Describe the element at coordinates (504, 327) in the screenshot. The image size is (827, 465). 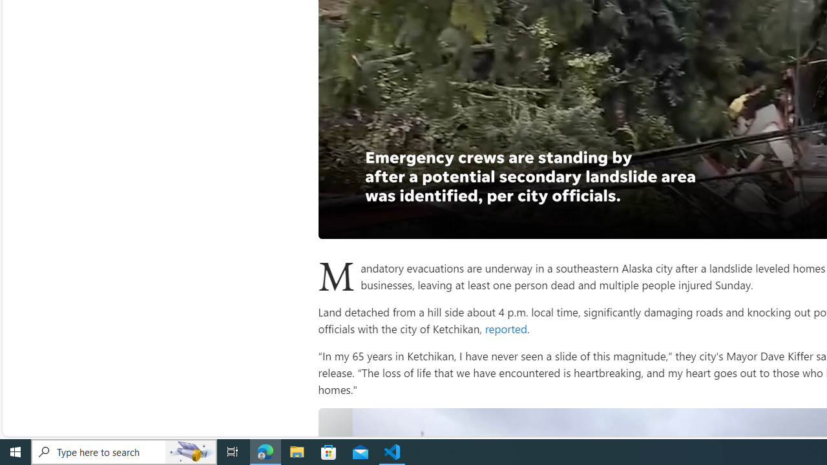
I see `' reported'` at that location.